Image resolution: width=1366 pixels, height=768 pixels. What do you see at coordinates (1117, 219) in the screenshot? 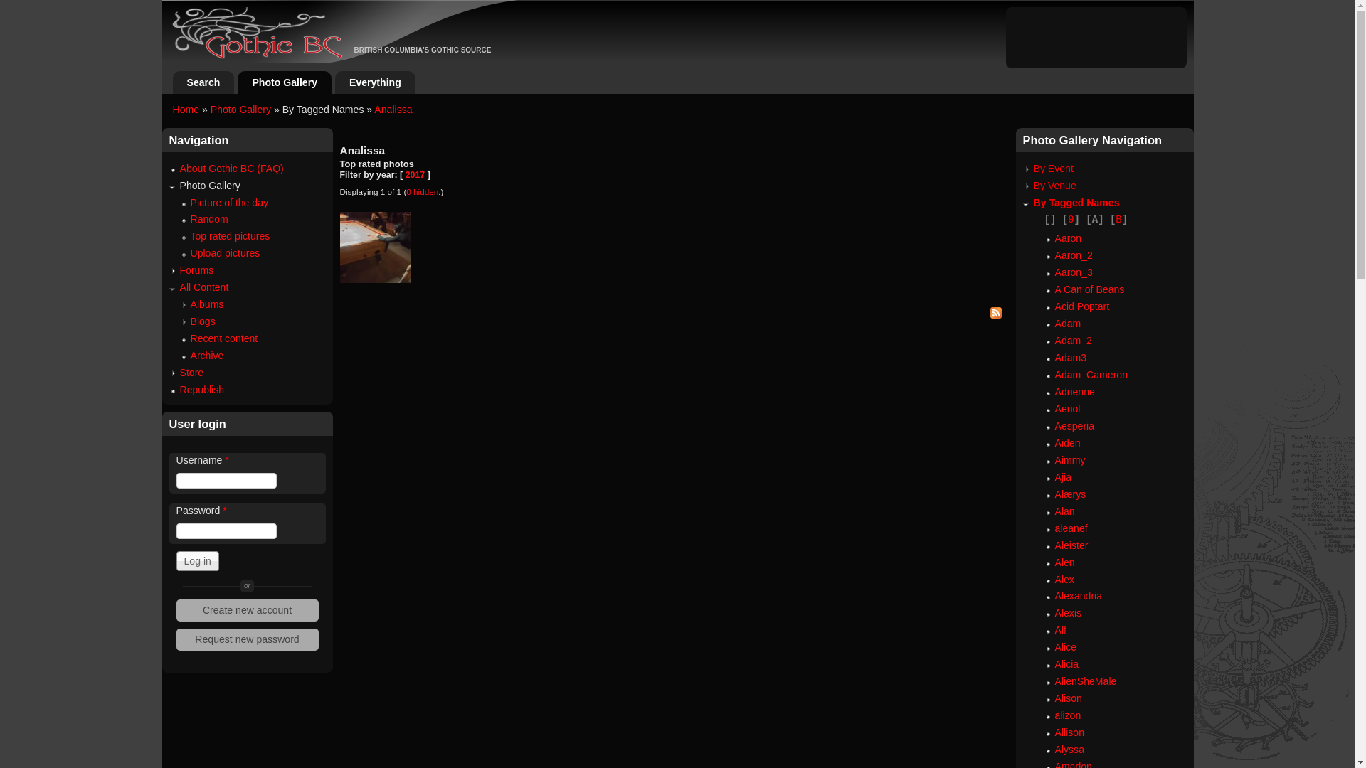
I see `'B'` at bounding box center [1117, 219].